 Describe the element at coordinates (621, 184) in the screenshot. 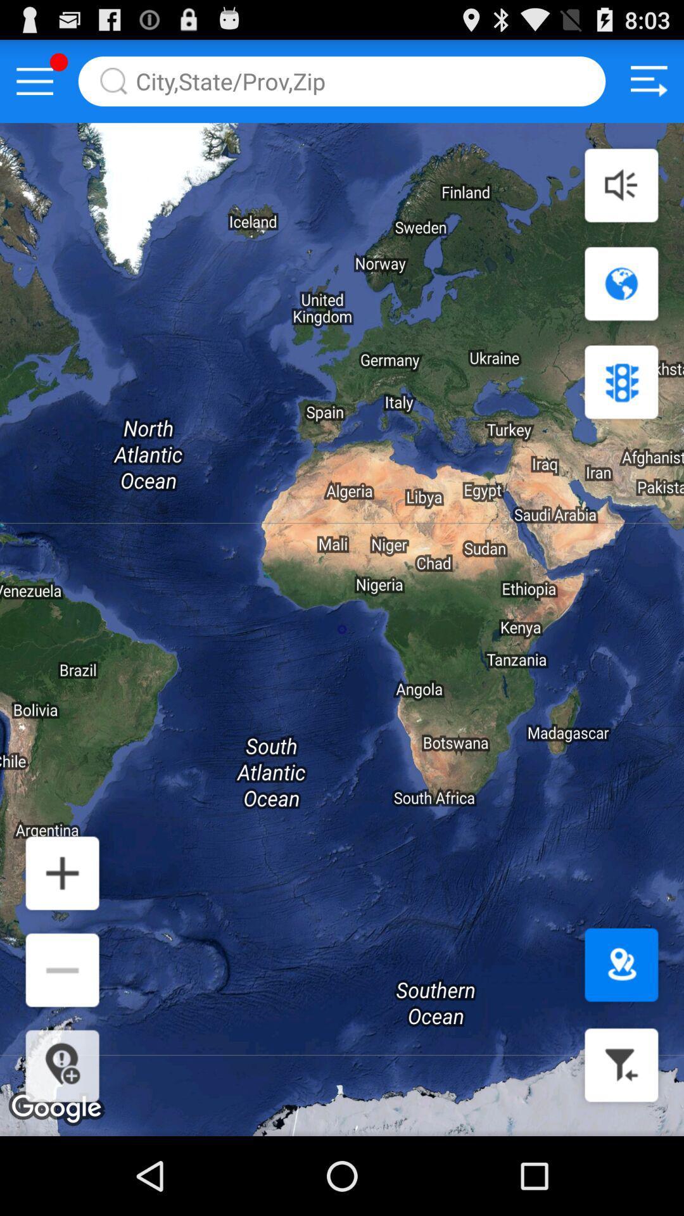

I see `audio` at that location.